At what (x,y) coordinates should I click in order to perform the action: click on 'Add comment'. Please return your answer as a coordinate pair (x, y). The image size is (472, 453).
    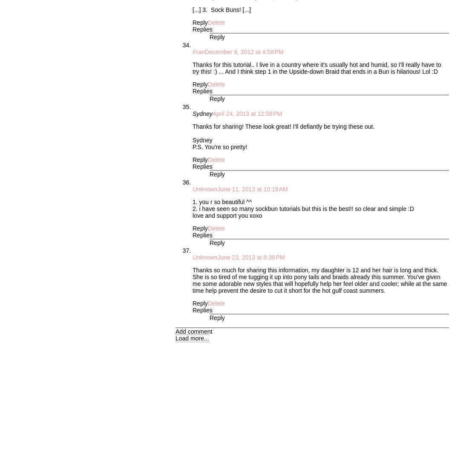
    Looking at the image, I should click on (193, 331).